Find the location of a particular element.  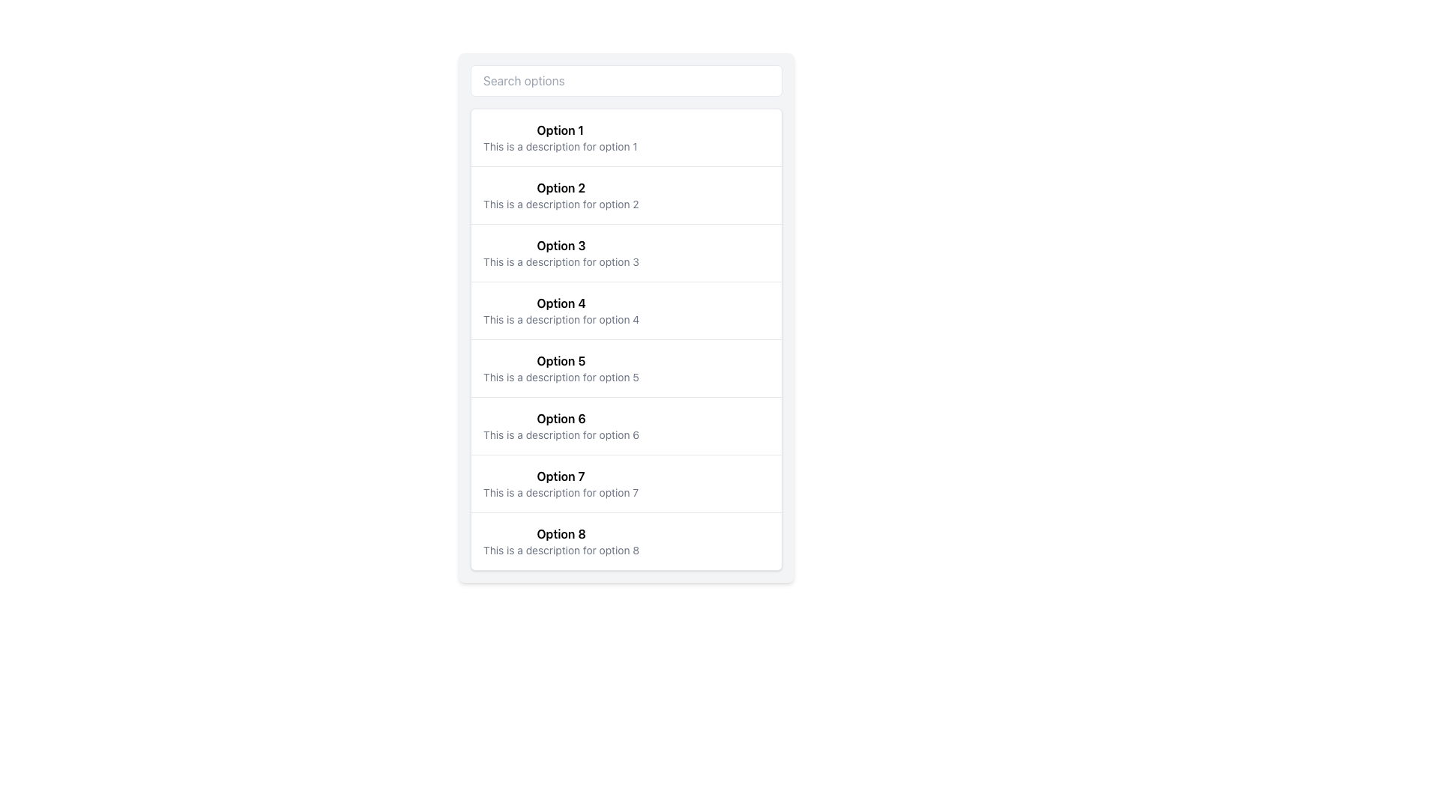

the text label indicating the title of the fourth selectable option within the vertical list, which serves as a reference for the user is located at coordinates (561, 303).